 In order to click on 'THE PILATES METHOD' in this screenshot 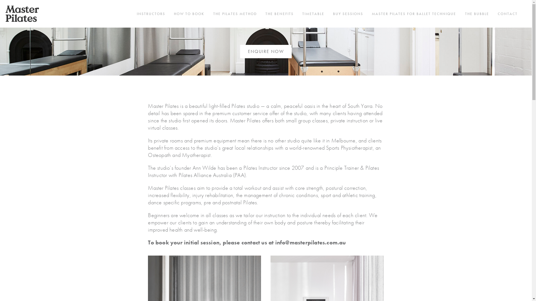, I will do `click(235, 13)`.